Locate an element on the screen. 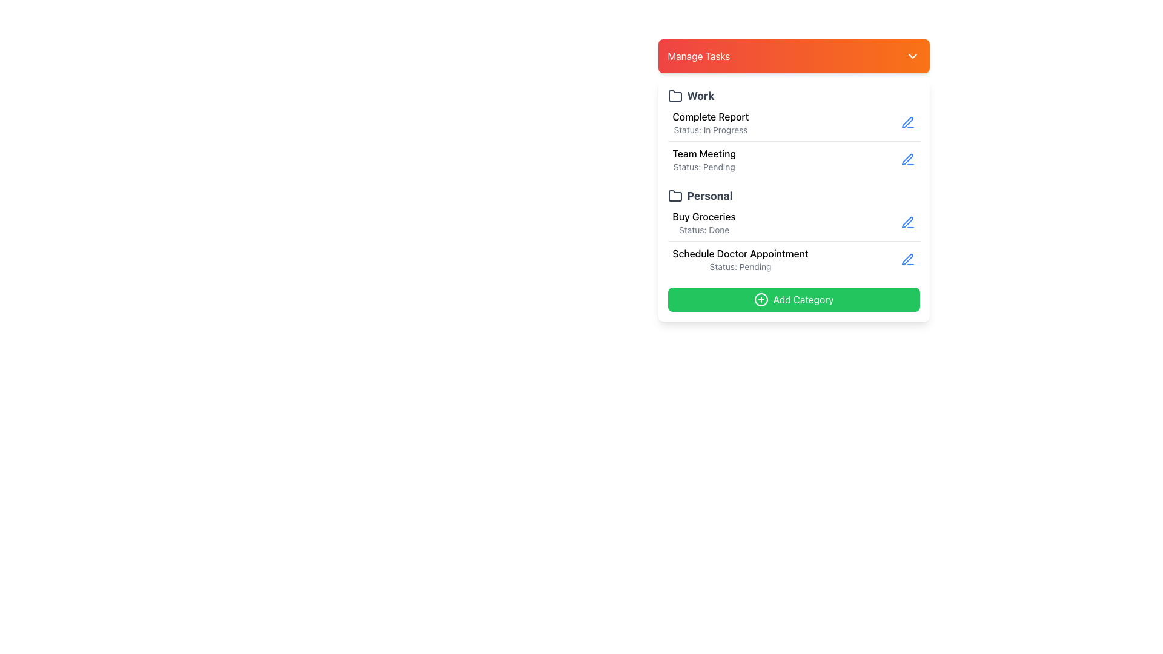  the text label displaying 'Schedule Doctor Appointment' in black font, located under the 'Personal' header and above the 'Status: Pending' label is located at coordinates (740, 253).